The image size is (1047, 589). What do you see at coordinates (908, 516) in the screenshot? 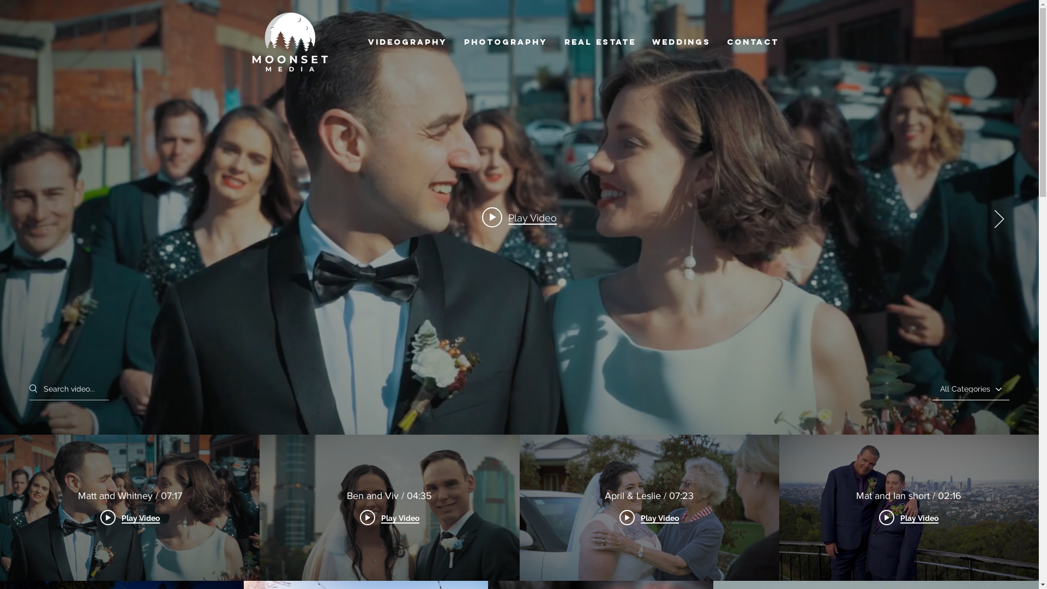
I see `'Play Video'` at bounding box center [908, 516].